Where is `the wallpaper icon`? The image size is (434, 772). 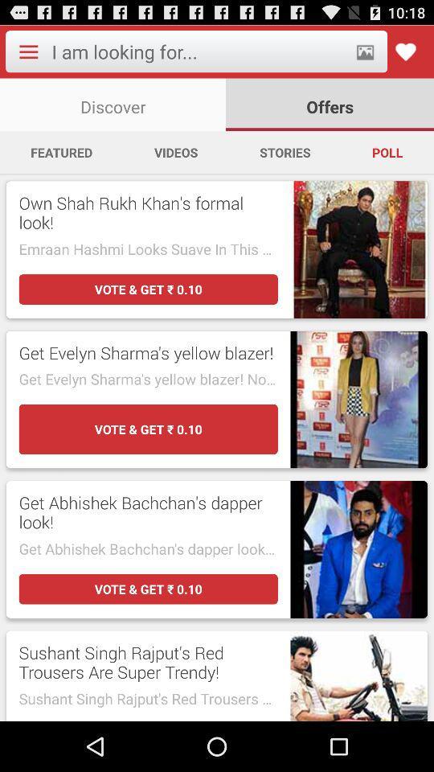 the wallpaper icon is located at coordinates (365, 55).